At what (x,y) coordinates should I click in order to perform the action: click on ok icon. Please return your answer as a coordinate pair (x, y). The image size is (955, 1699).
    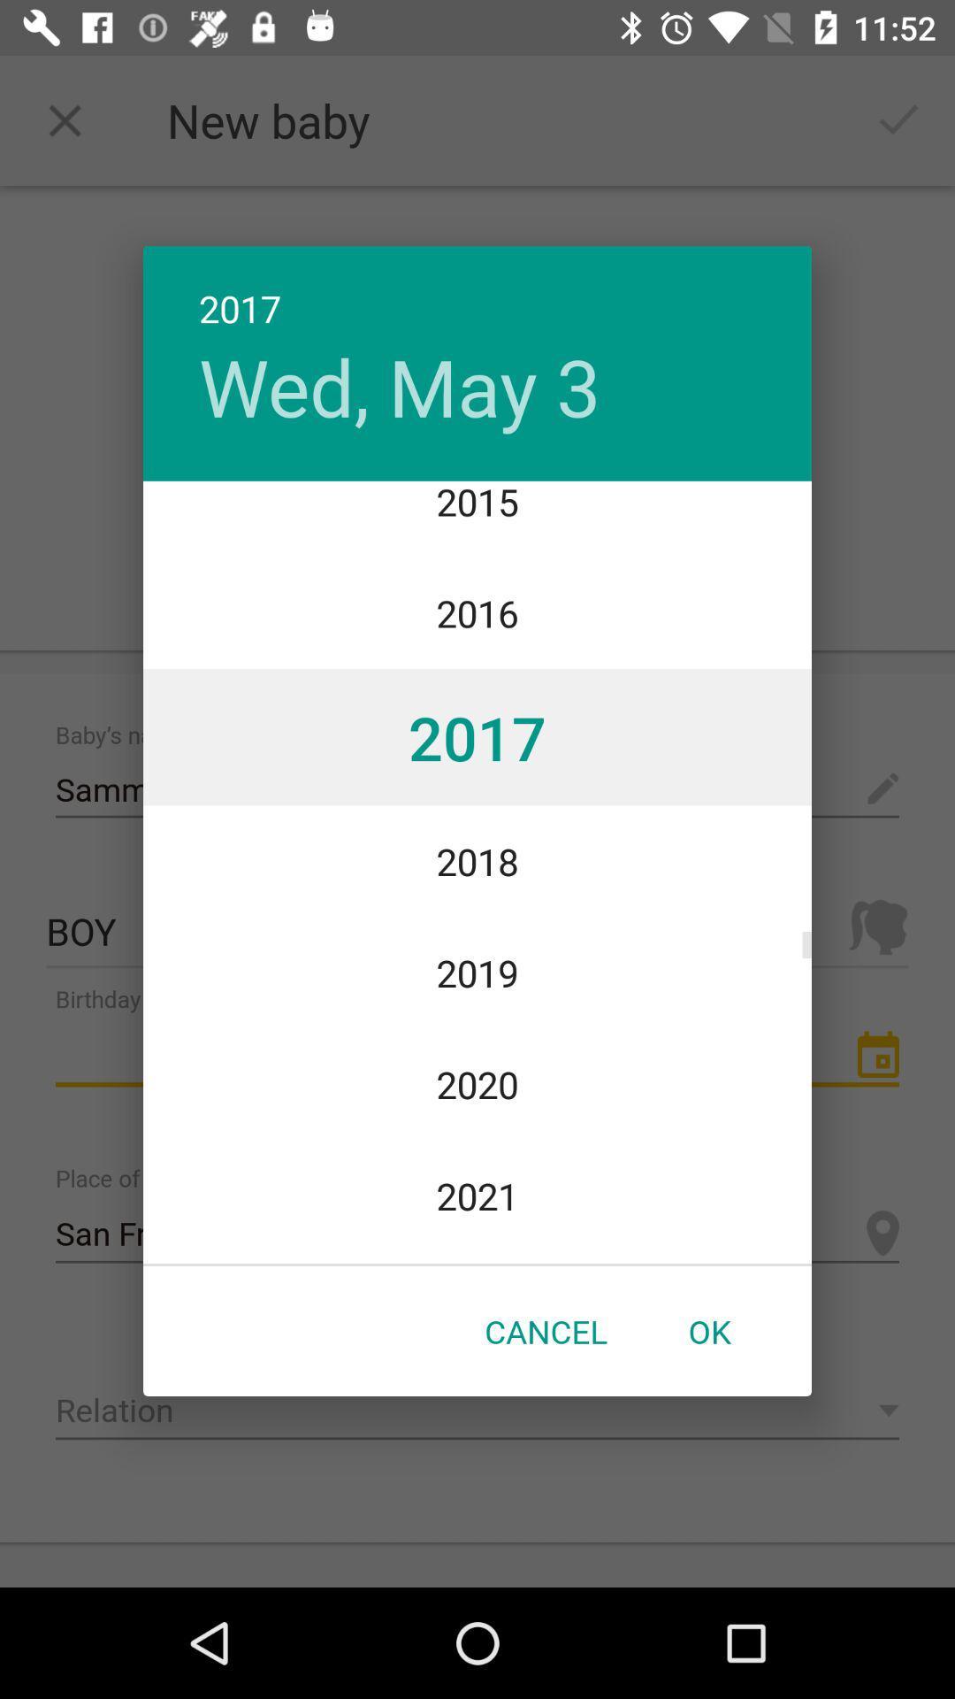
    Looking at the image, I should click on (708, 1331).